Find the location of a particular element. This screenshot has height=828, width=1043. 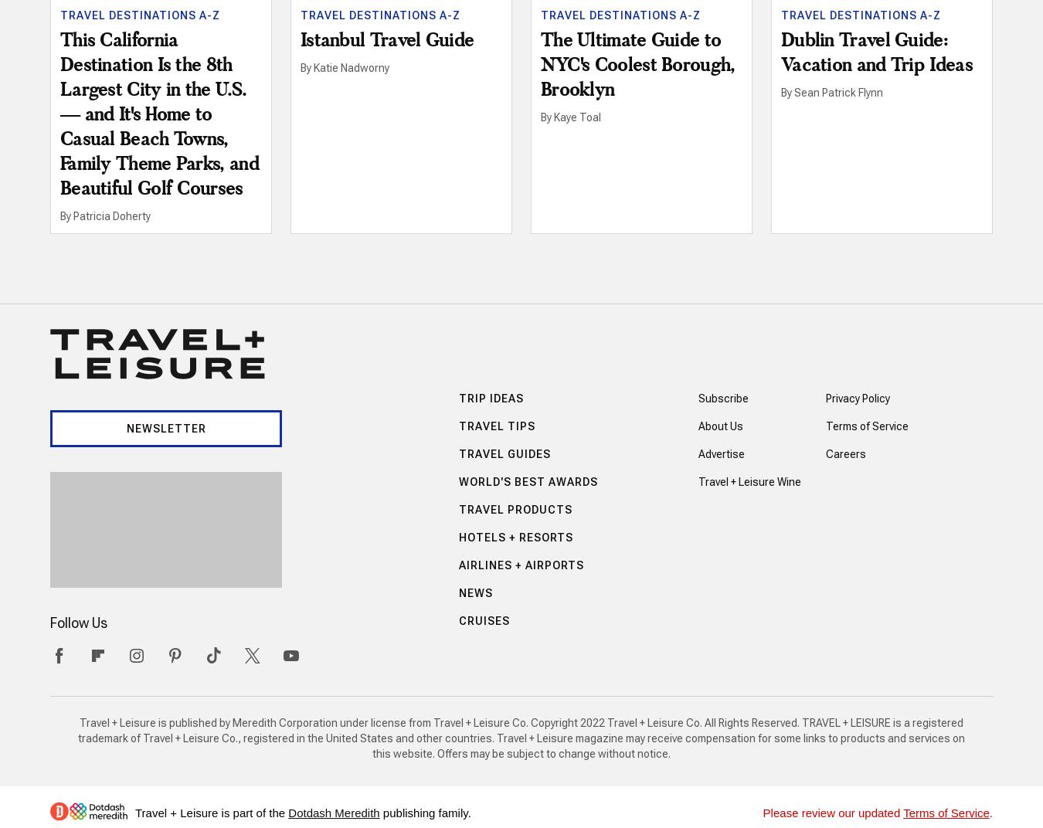

'Travel + Leisure is part of the' is located at coordinates (211, 812).